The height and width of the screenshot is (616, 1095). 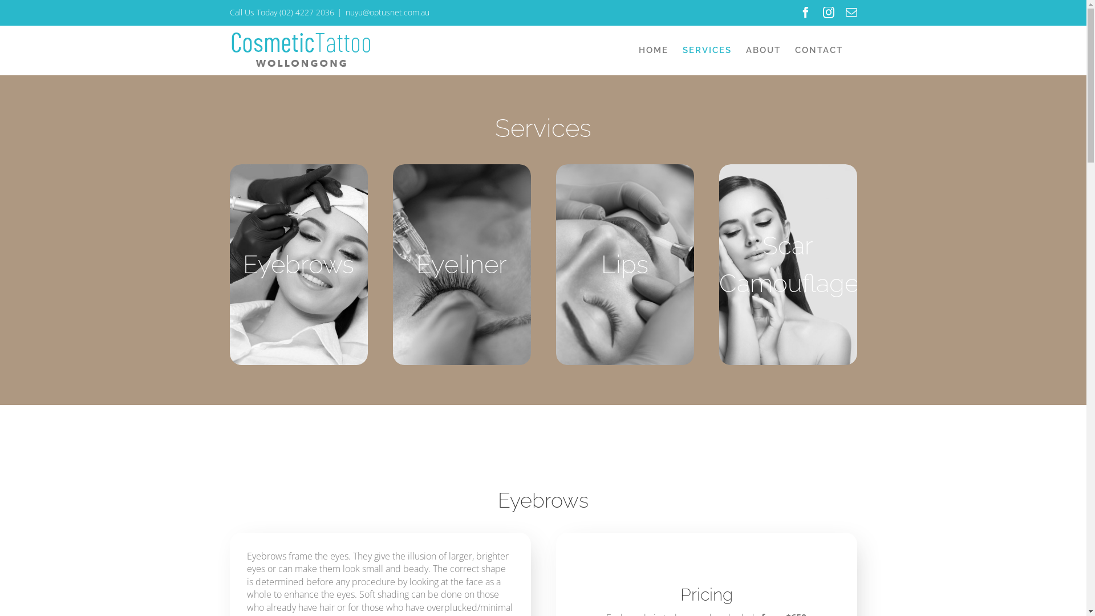 I want to click on 'Instagram', so click(x=822, y=13).